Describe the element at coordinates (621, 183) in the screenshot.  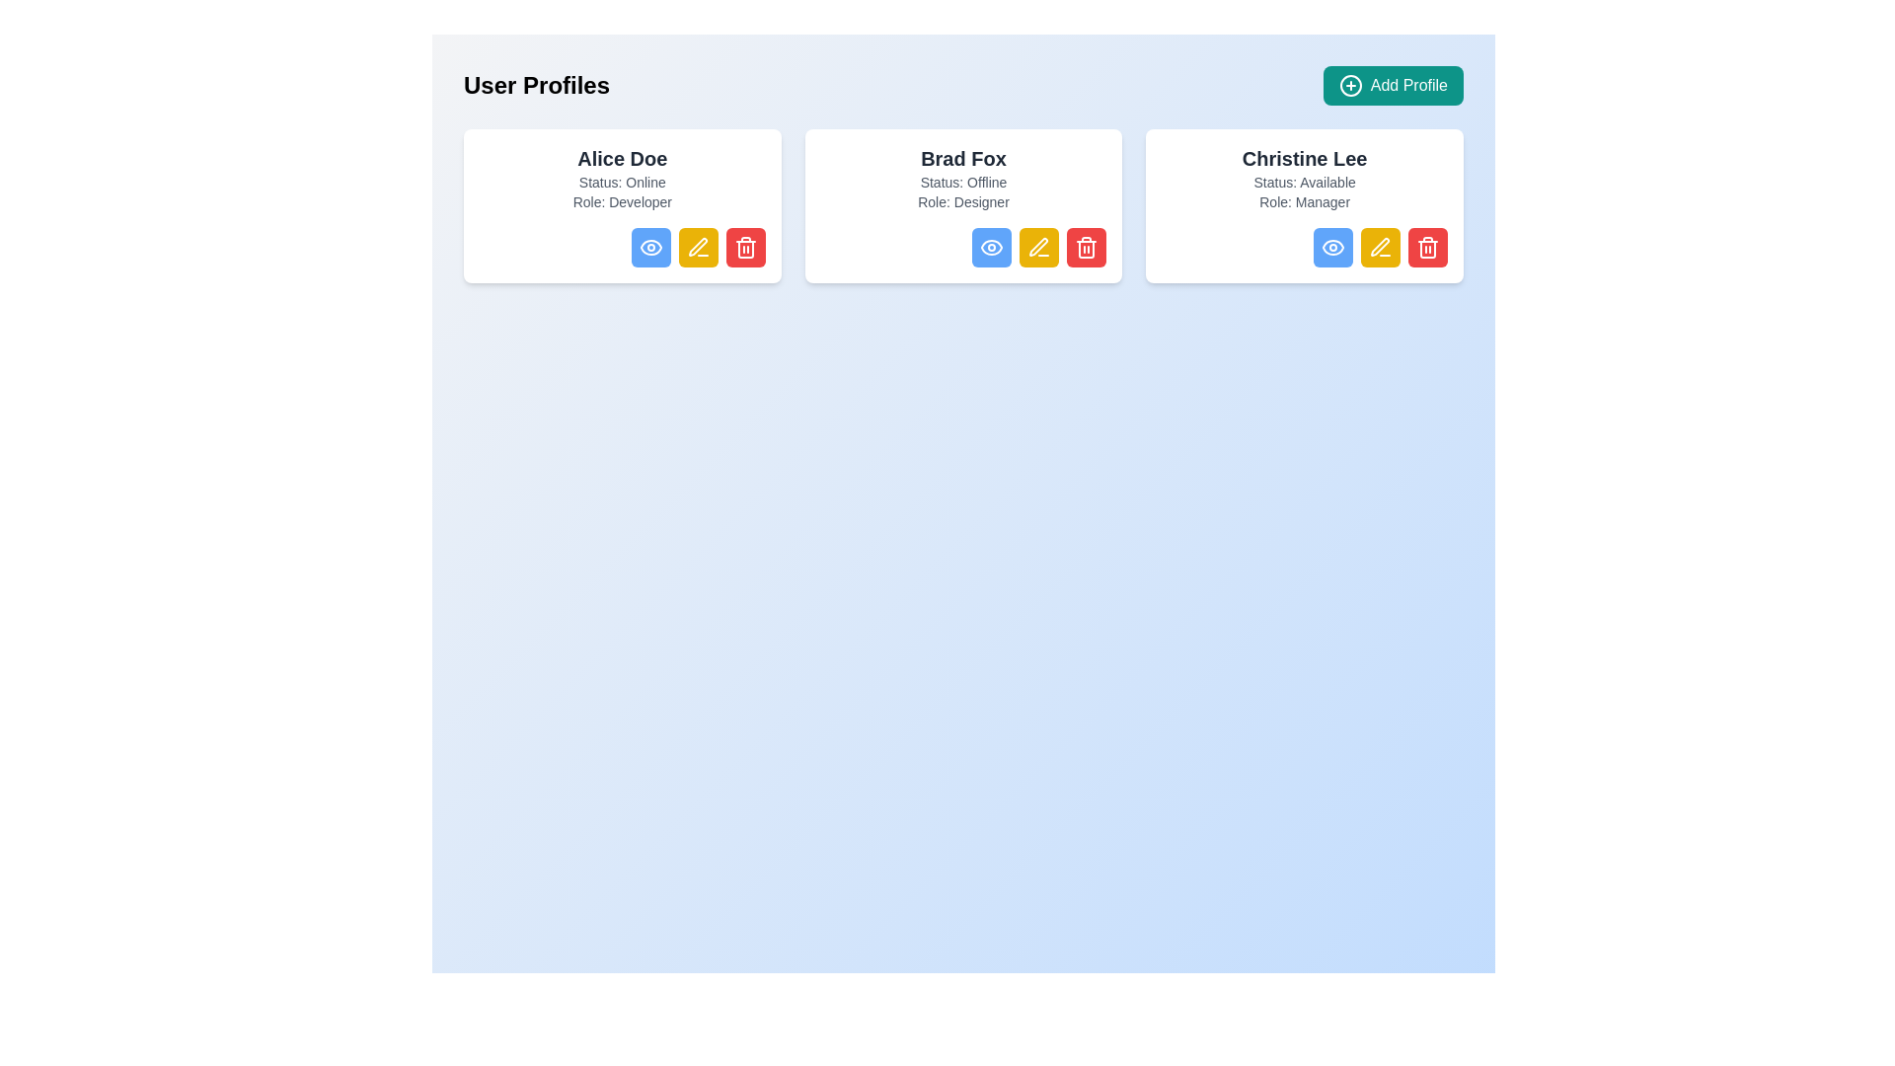
I see `the text label reading 'Status: Online', which is located directly below 'Alice Doe' in the user profile card` at that location.